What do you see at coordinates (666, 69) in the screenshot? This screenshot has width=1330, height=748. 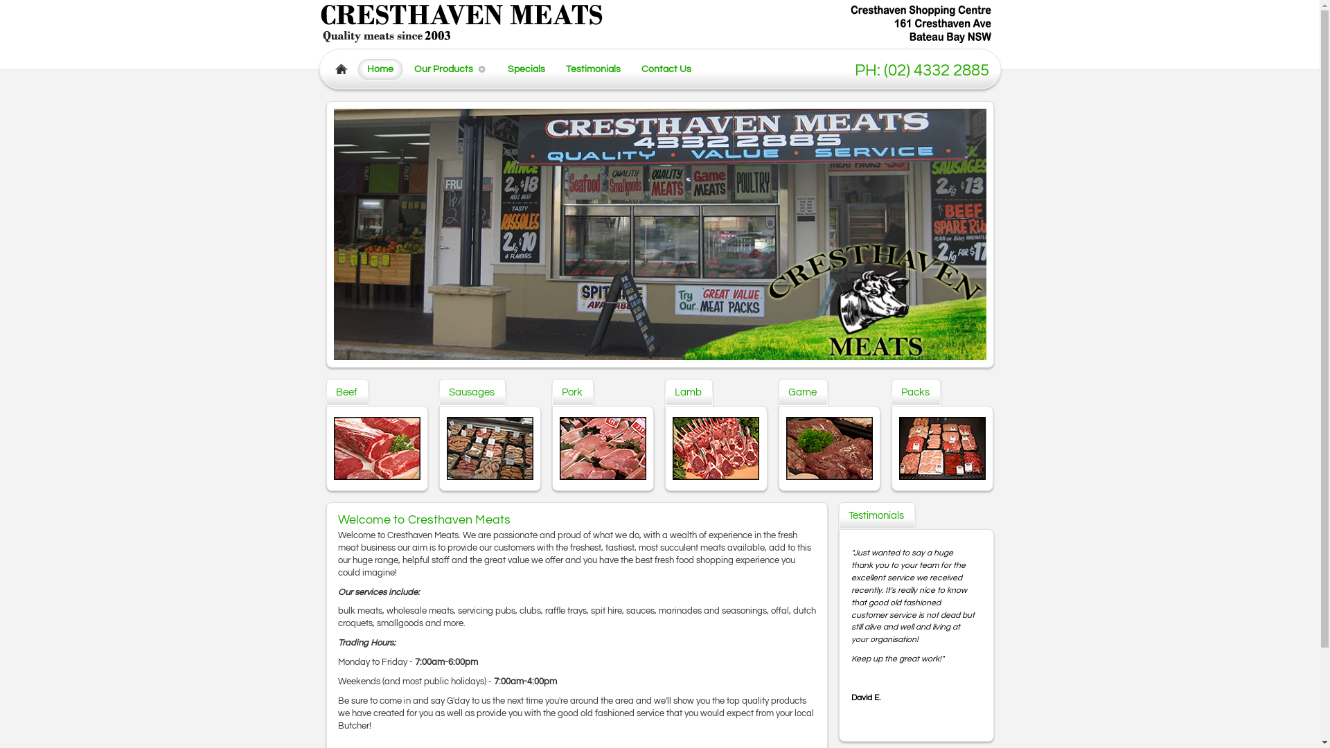 I see `'Contact Us'` at bounding box center [666, 69].